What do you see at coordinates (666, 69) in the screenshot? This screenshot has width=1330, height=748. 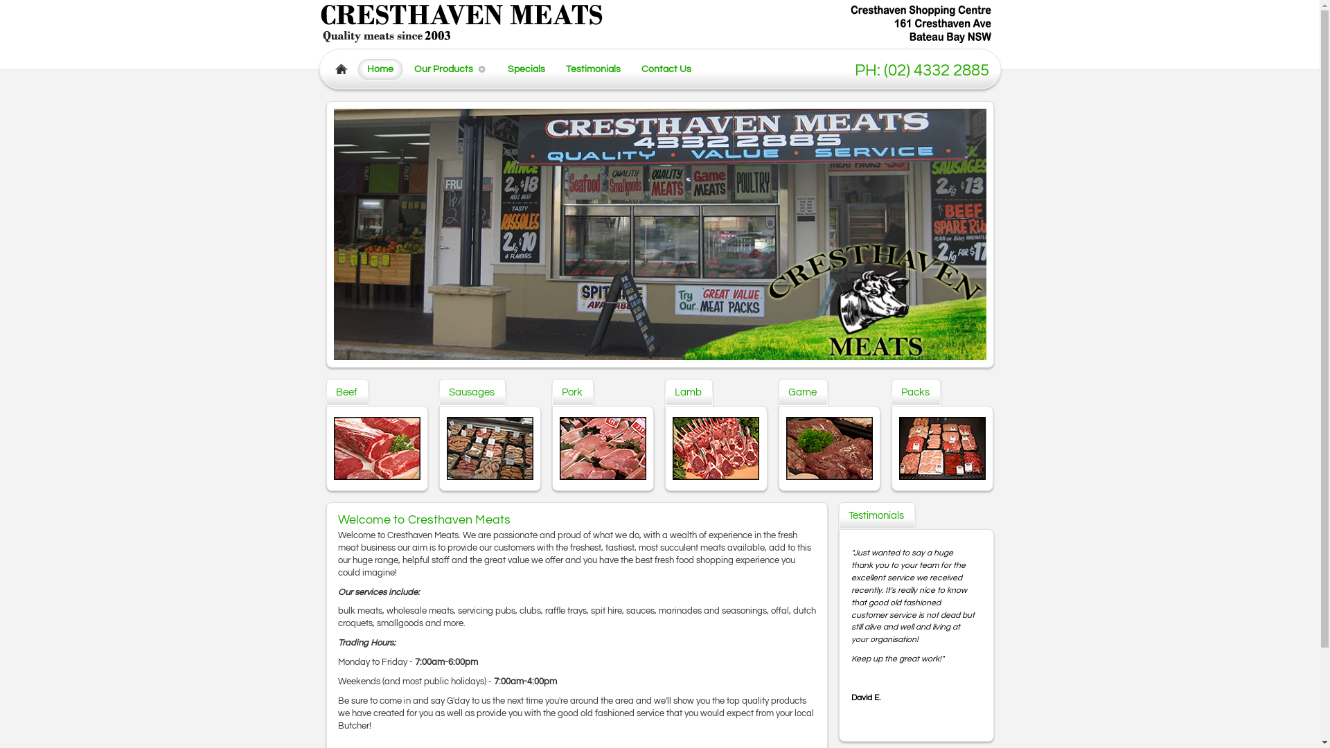 I see `'Contact Us'` at bounding box center [666, 69].